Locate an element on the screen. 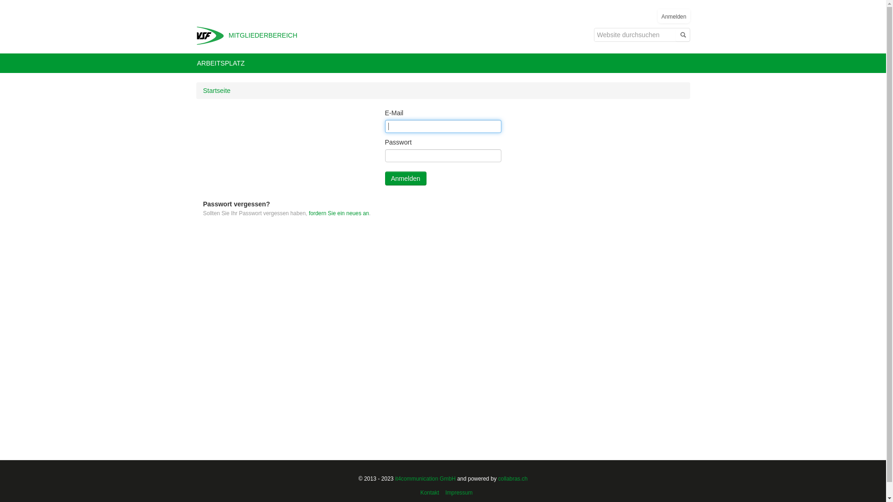 The image size is (893, 502). 'Kontakt' is located at coordinates (429, 492).